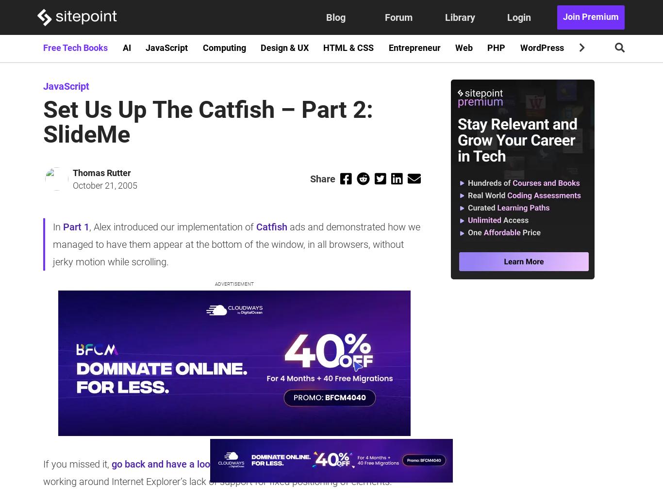 The width and height of the screenshot is (663, 501). What do you see at coordinates (590, 17) in the screenshot?
I see `'Join Premium'` at bounding box center [590, 17].